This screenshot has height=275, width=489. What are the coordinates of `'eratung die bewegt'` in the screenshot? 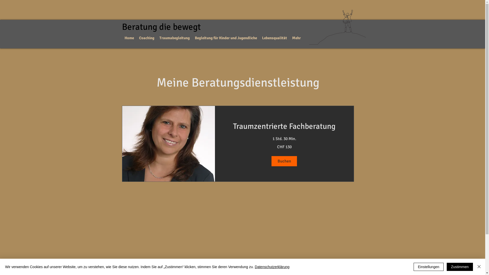 It's located at (164, 27).